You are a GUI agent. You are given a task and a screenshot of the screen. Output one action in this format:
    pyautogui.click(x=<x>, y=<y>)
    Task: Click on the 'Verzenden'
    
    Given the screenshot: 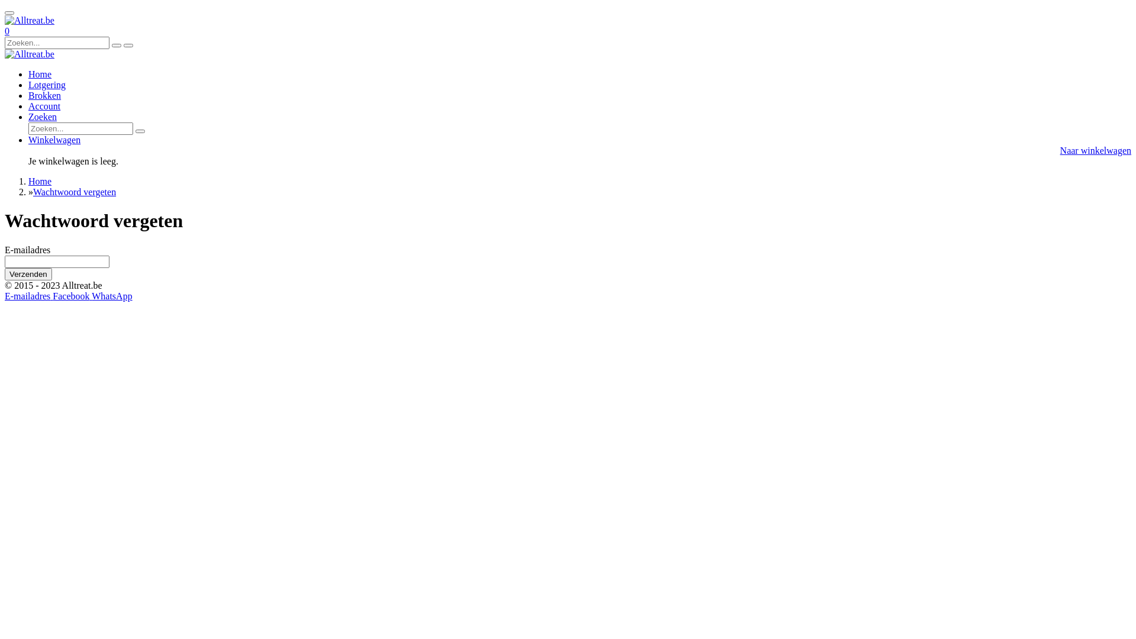 What is the action you would take?
    pyautogui.click(x=28, y=274)
    